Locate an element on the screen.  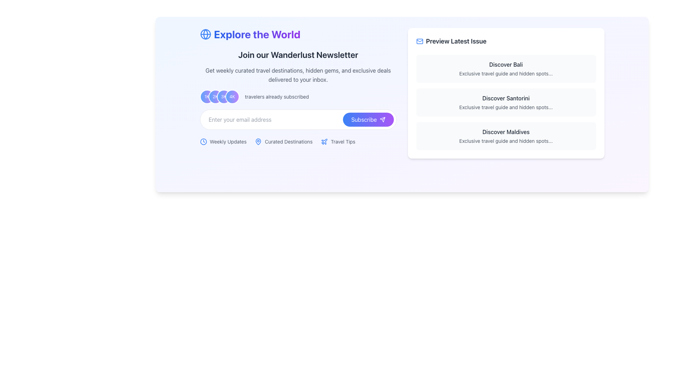
text of the title label located in the second card under the 'Preview Latest Issue' section, positioned above the subtitle 'Exclusive travel guide and hidden spots...' is located at coordinates (506, 98).